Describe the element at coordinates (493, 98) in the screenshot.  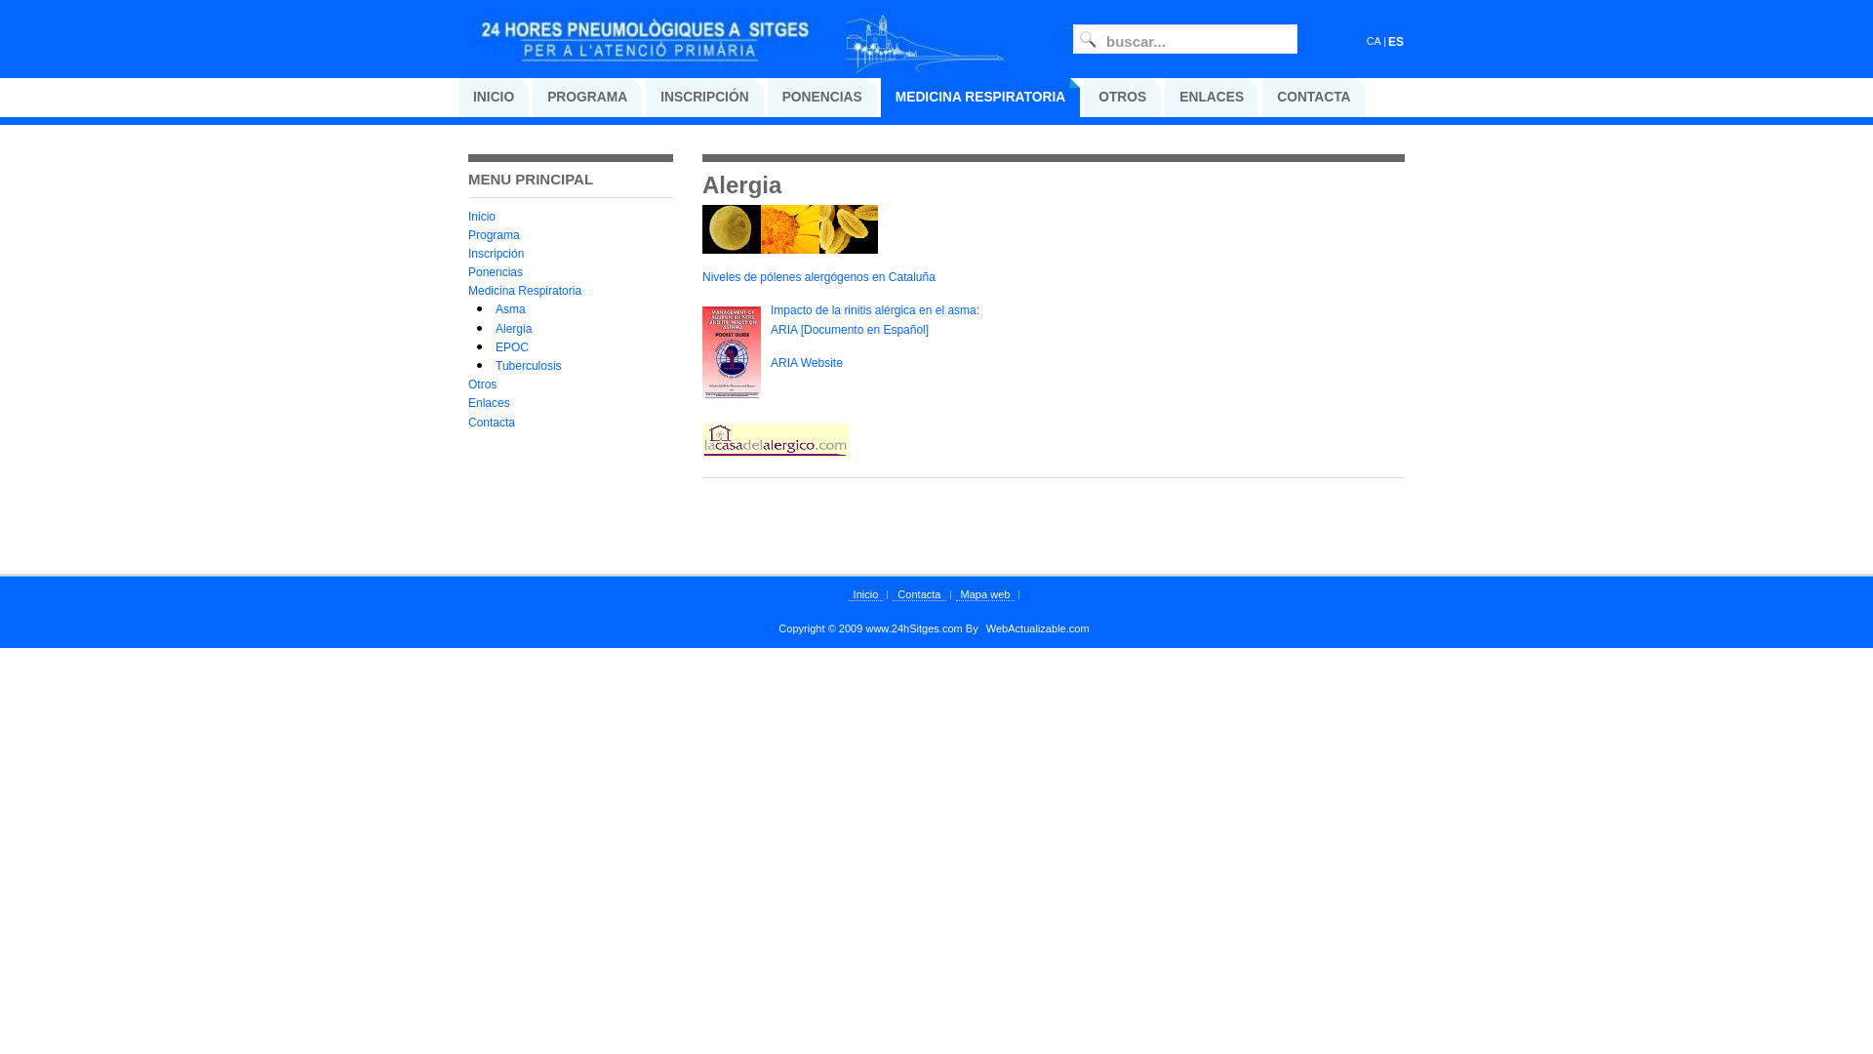
I see `'INICIO'` at that location.